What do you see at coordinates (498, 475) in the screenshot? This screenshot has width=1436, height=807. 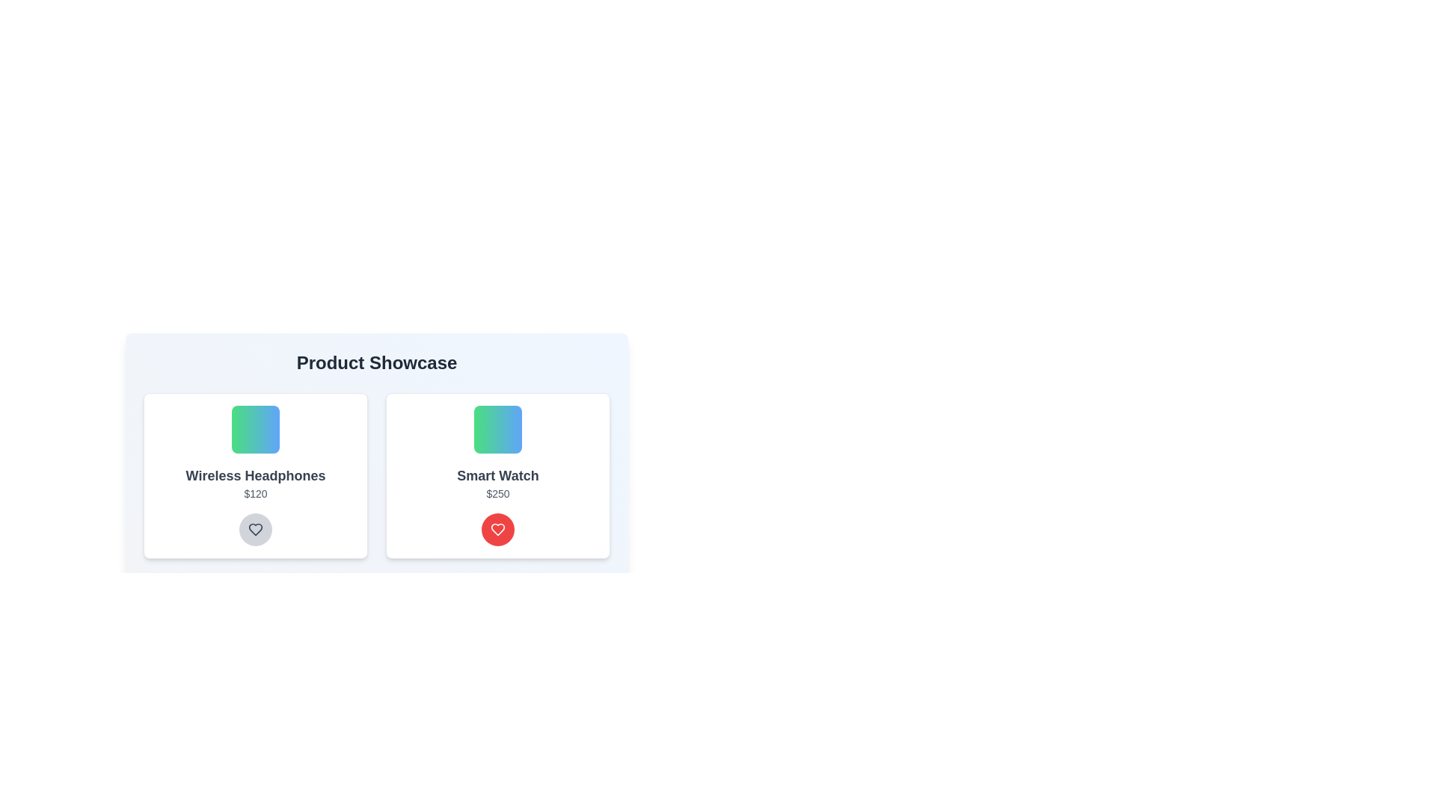 I see `the product card for Smart Watch` at bounding box center [498, 475].